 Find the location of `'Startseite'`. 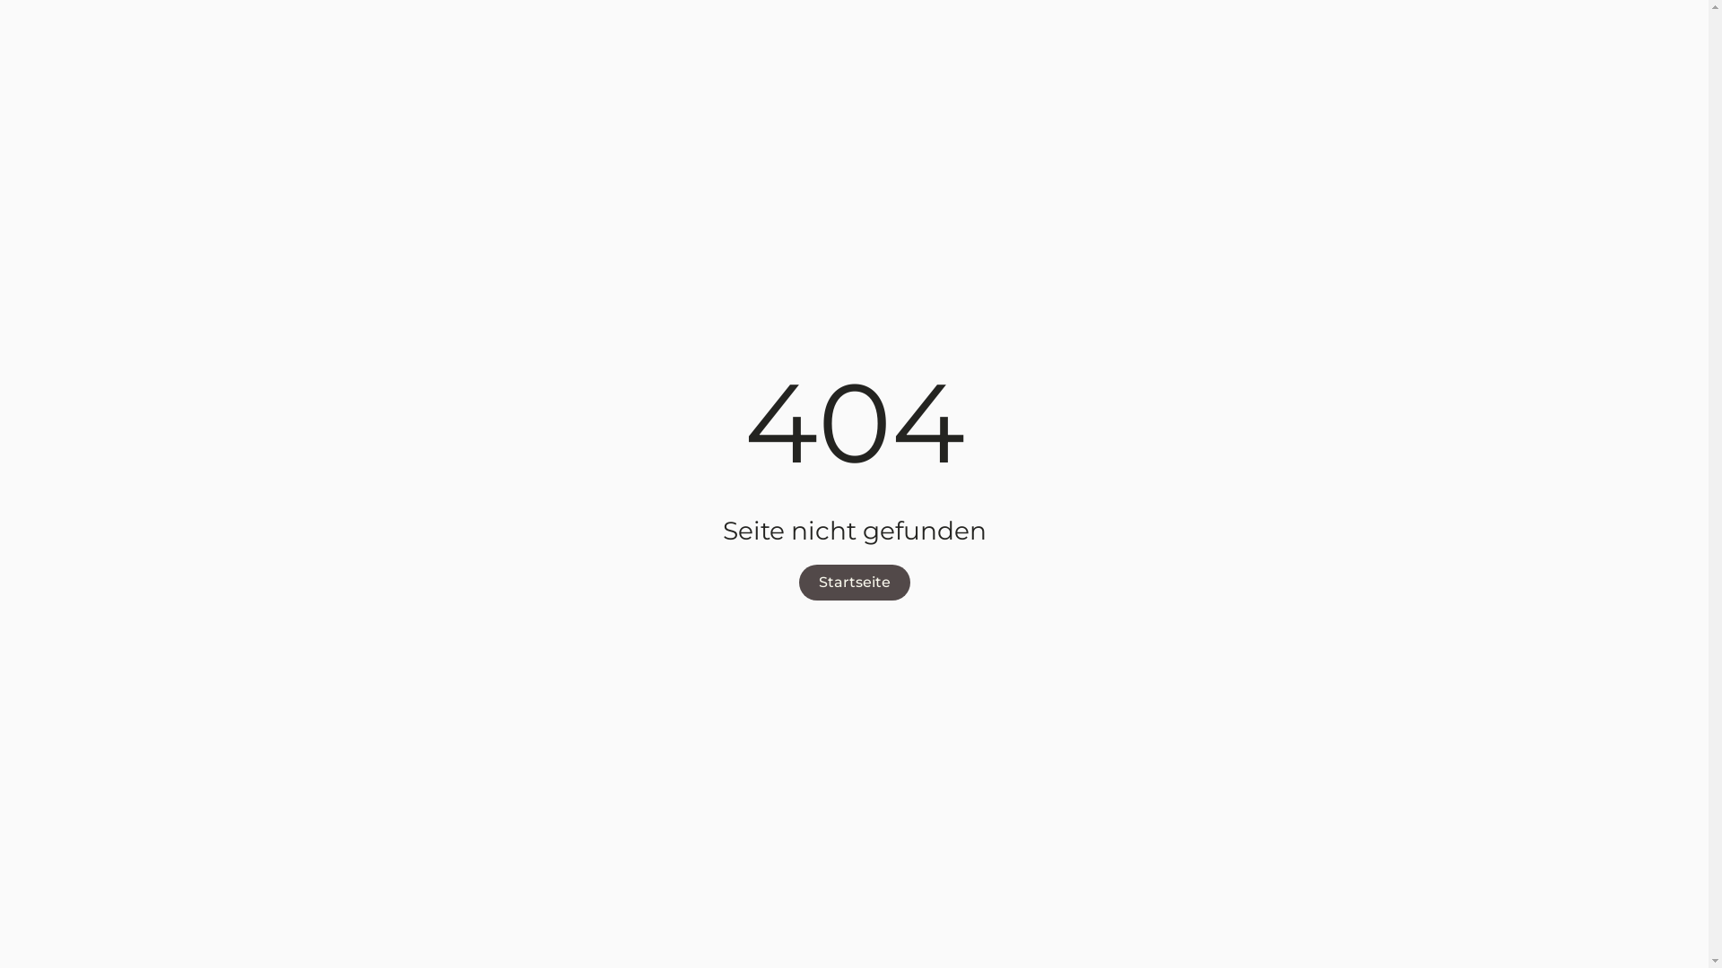

'Startseite' is located at coordinates (796, 583).